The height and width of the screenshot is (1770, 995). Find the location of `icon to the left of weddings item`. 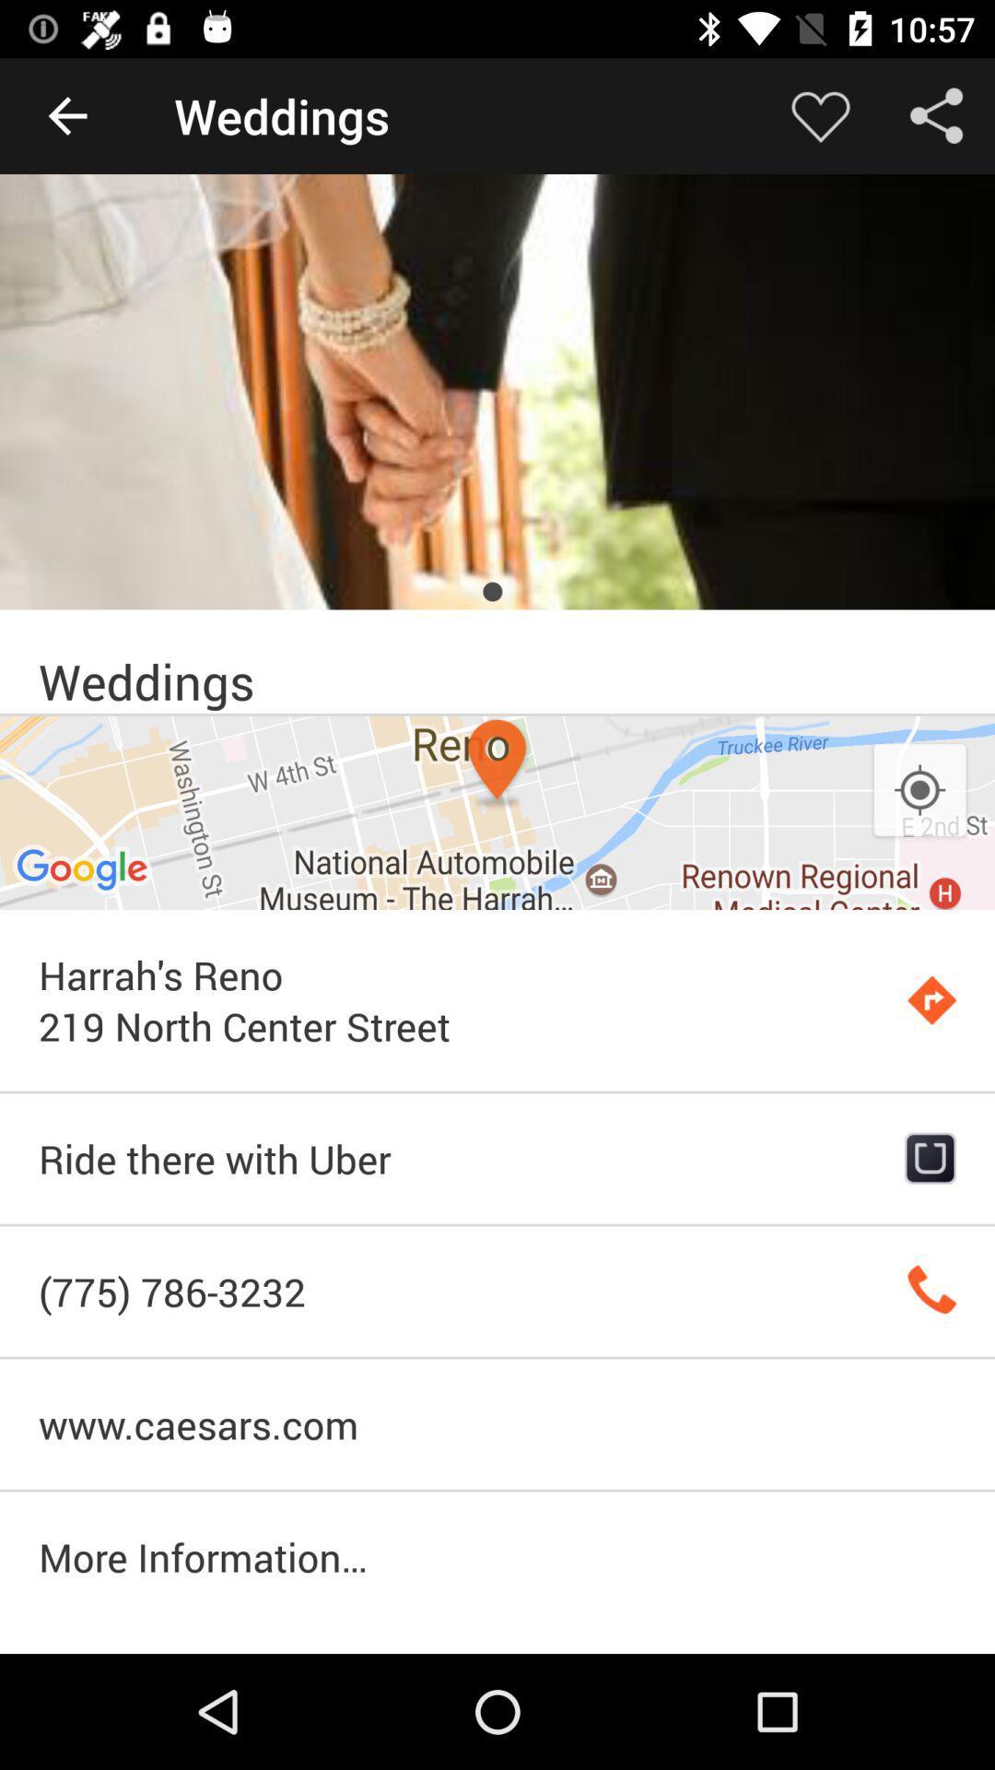

icon to the left of weddings item is located at coordinates (66, 114).